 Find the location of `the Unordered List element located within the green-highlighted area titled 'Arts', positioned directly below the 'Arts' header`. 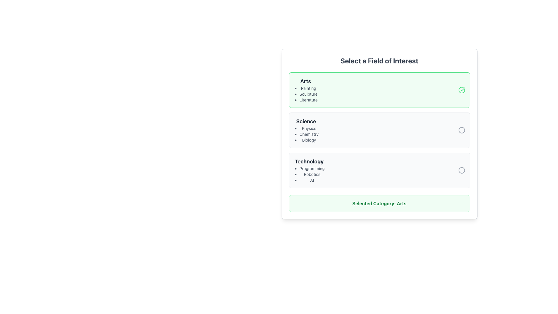

the Unordered List element located within the green-highlighted area titled 'Arts', positioned directly below the 'Arts' header is located at coordinates (305, 94).